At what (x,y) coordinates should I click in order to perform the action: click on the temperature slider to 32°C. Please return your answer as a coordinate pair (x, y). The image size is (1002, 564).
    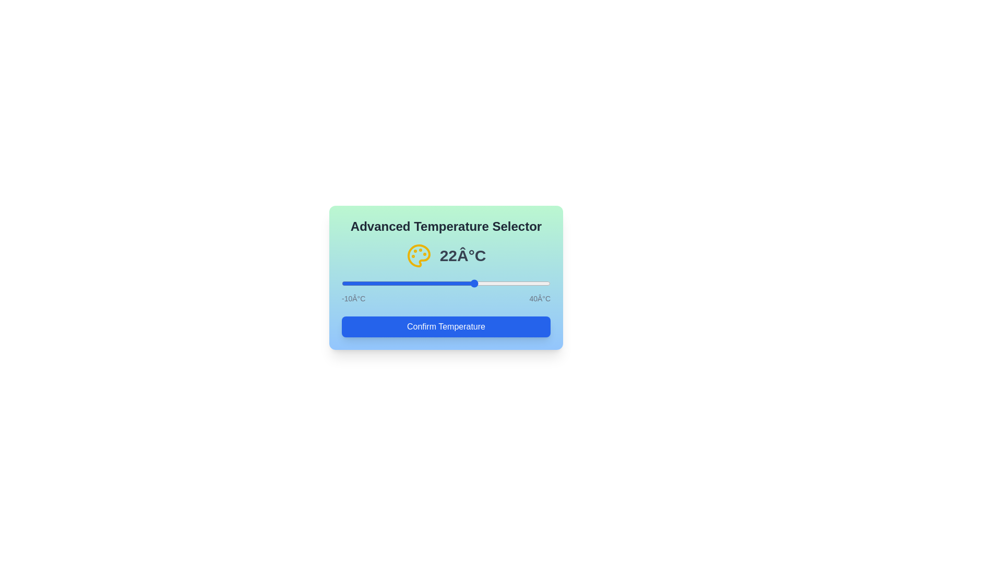
    Looking at the image, I should click on (517, 284).